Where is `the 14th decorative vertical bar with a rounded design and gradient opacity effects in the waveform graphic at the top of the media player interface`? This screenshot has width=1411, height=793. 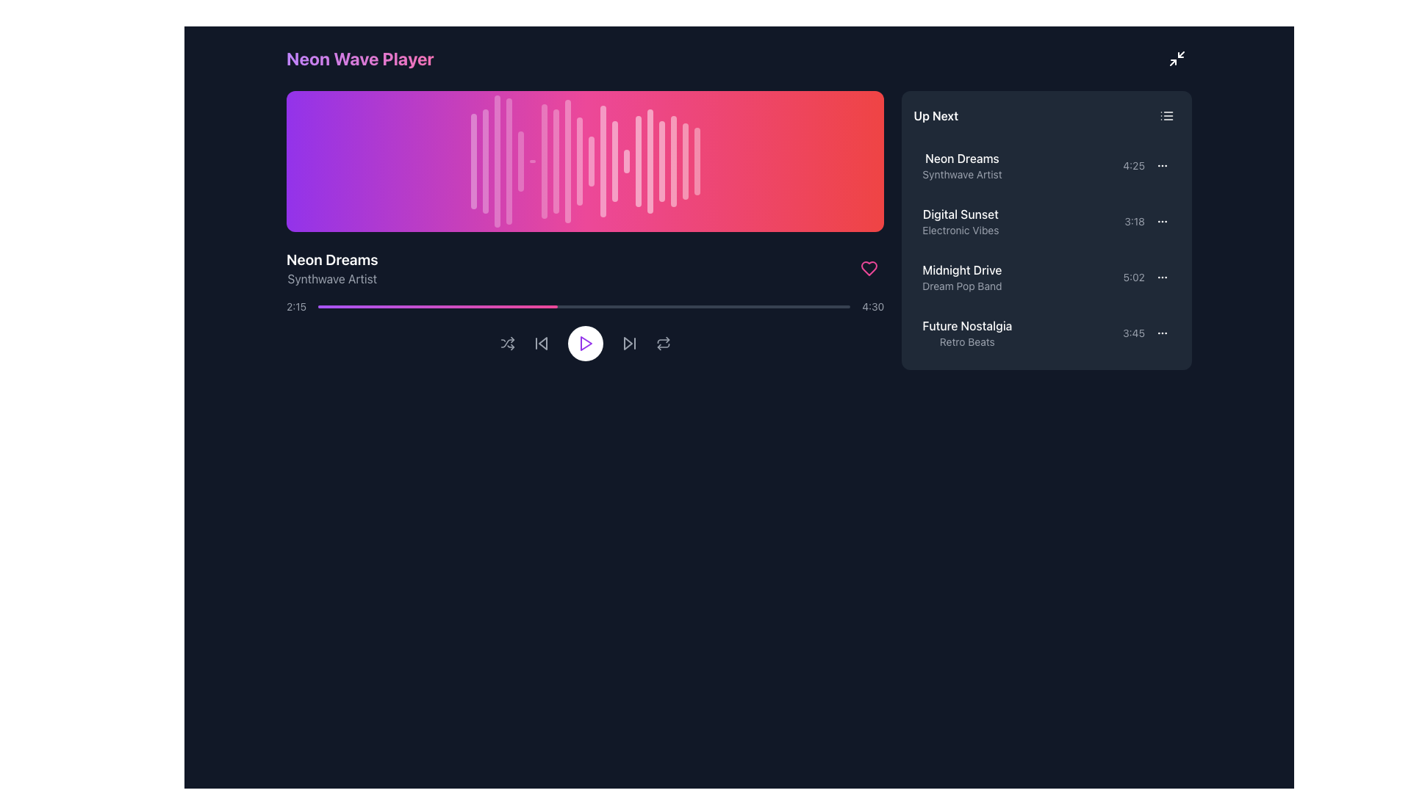 the 14th decorative vertical bar with a rounded design and gradient opacity effects in the waveform graphic at the top of the media player interface is located at coordinates (626, 161).